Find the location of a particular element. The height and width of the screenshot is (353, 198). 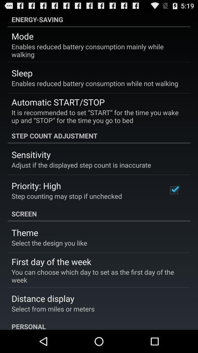

the app next to the step counting may icon is located at coordinates (173, 190).